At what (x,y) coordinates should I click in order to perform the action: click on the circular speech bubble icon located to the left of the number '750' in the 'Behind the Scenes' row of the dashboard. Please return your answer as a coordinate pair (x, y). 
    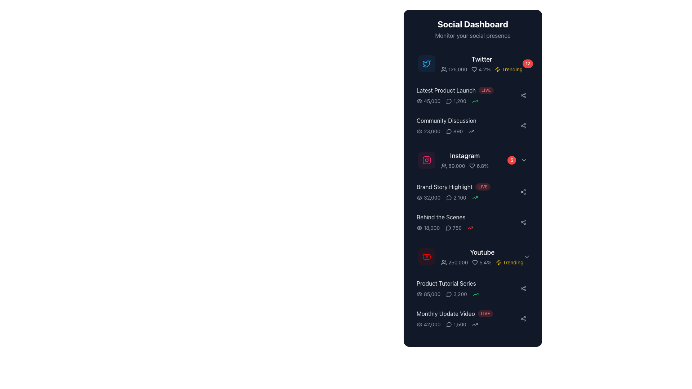
    Looking at the image, I should click on (448, 228).